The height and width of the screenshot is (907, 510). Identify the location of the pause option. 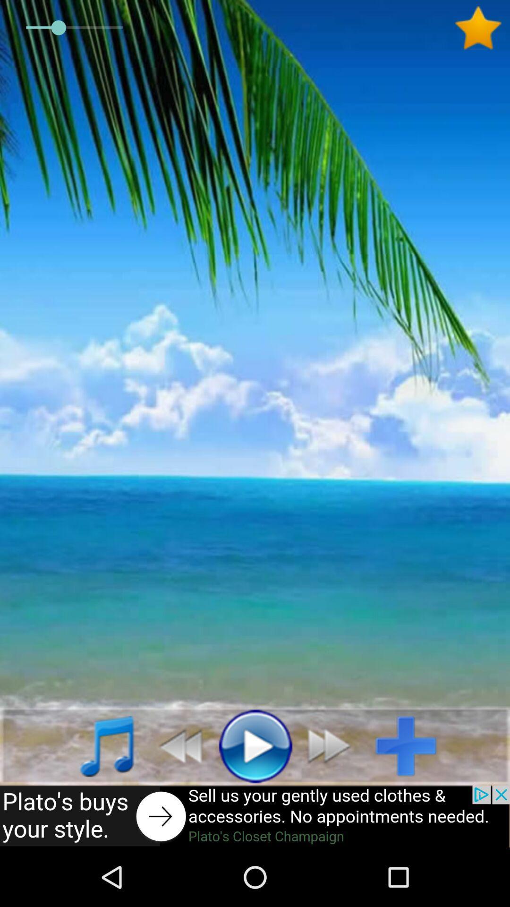
(255, 745).